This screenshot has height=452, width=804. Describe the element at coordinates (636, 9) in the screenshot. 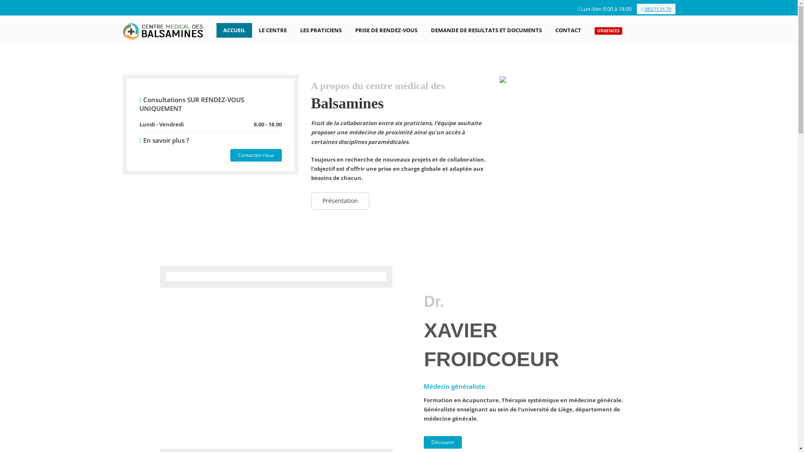

I see `'085/71.31.70'` at that location.